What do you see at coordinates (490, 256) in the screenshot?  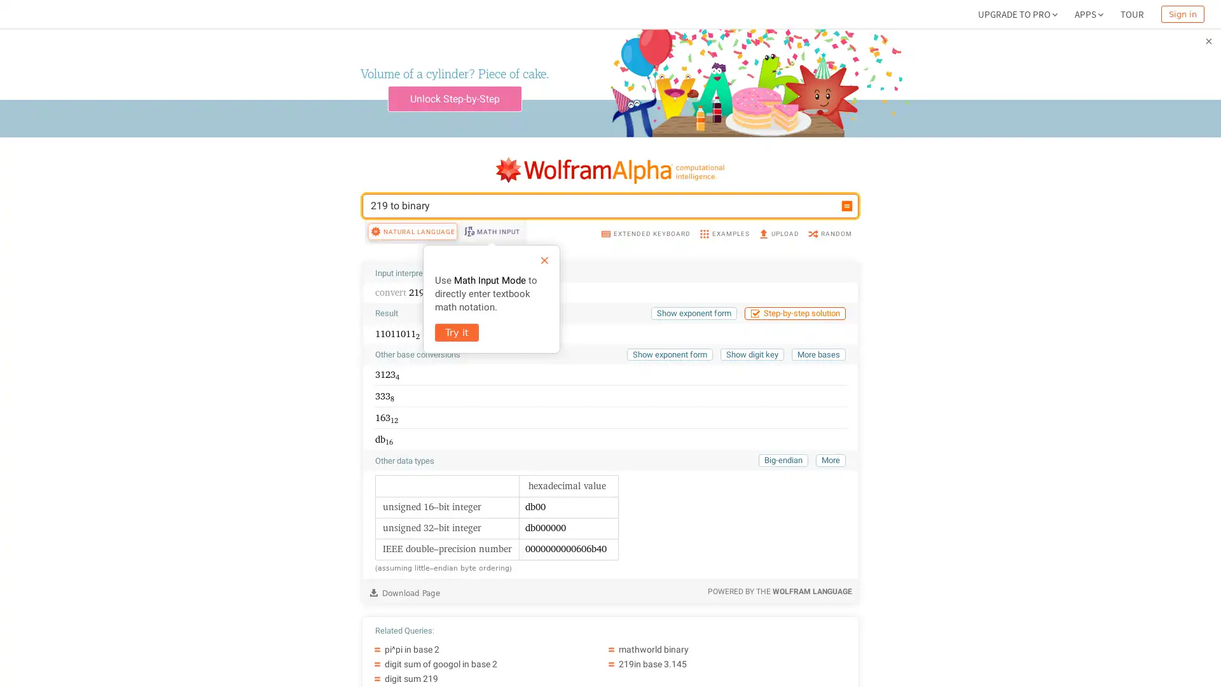 I see `MATH INPUT` at bounding box center [490, 256].